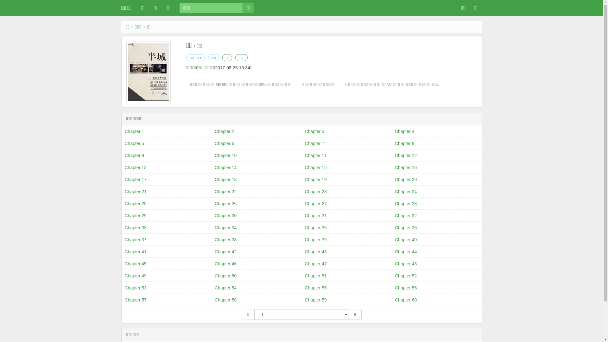 This screenshot has height=342, width=608. Describe the element at coordinates (167, 215) in the screenshot. I see `'Chapter 29'` at that location.